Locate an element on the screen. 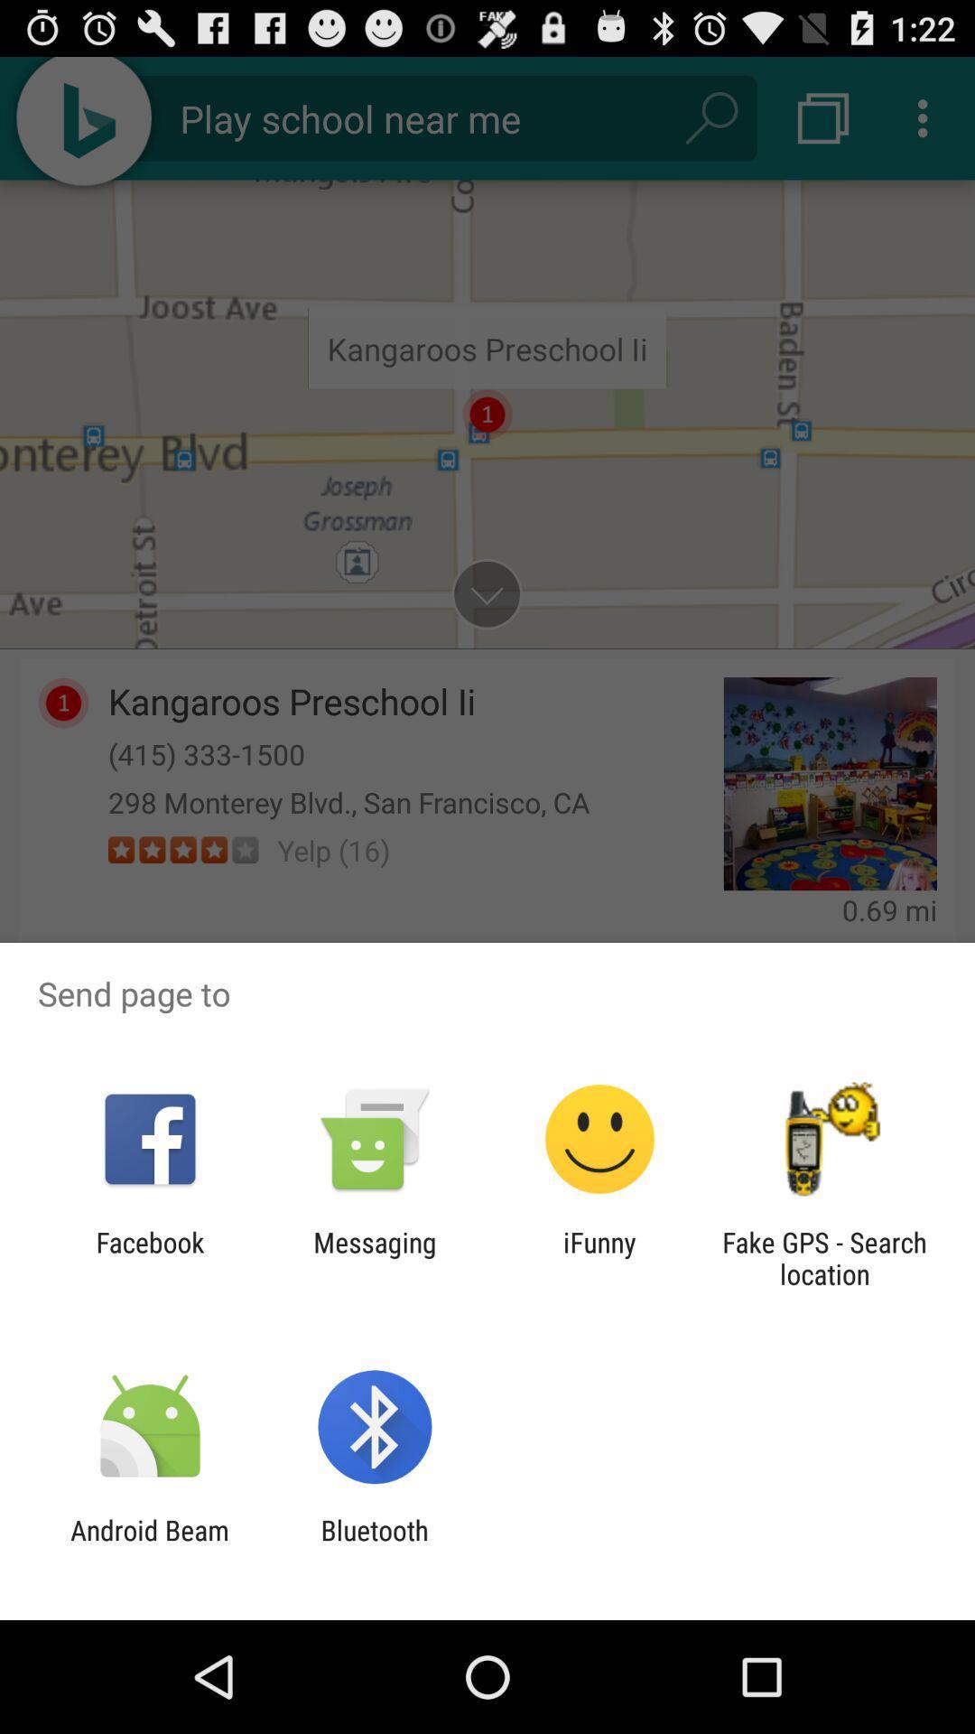 The width and height of the screenshot is (975, 1734). ifunny item is located at coordinates (599, 1257).